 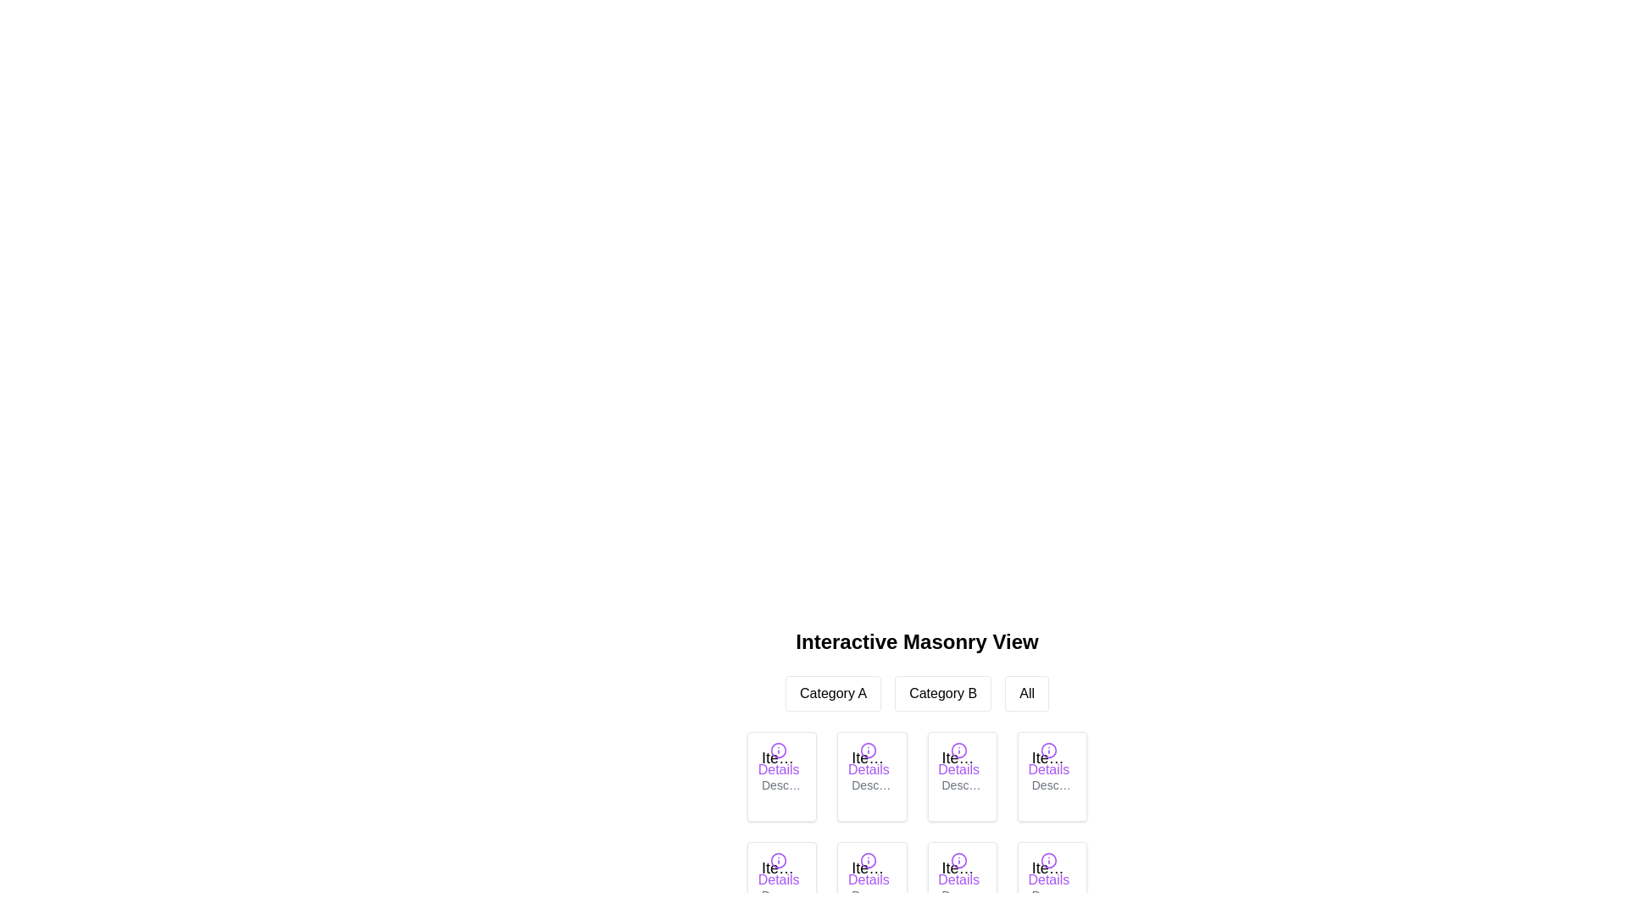 What do you see at coordinates (958, 749) in the screenshot?
I see `the icon located in the upper-right corner of the 'Details' card, which is the third card in the top row of the 'Interactive Masonry View'` at bounding box center [958, 749].